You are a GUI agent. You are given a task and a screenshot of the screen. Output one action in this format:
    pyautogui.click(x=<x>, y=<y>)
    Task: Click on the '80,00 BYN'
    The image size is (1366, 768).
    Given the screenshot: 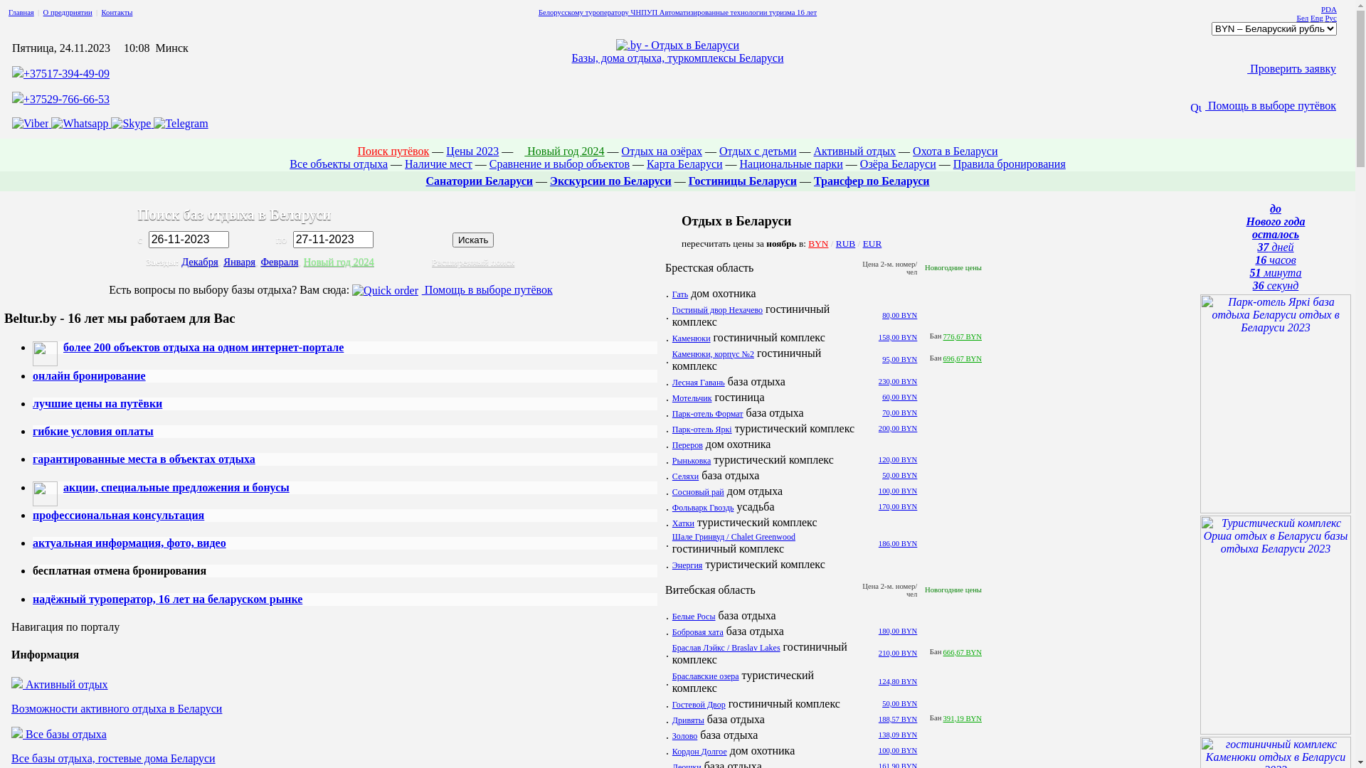 What is the action you would take?
    pyautogui.click(x=899, y=314)
    